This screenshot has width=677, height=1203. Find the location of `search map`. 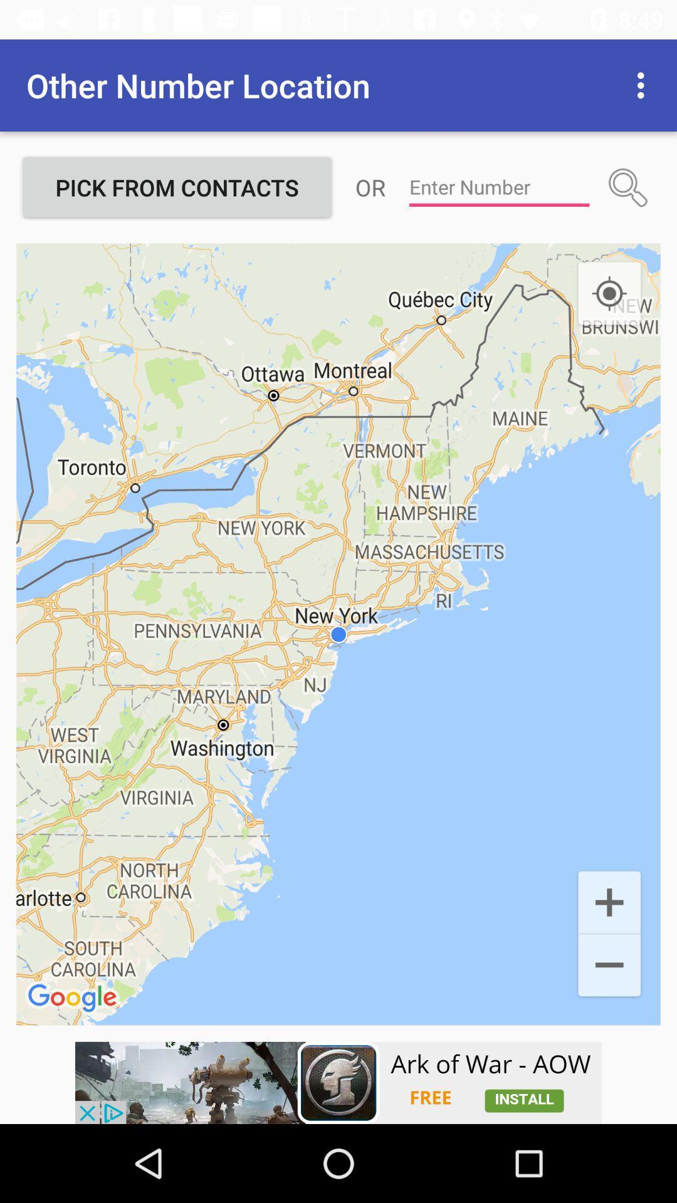

search map is located at coordinates (628, 187).